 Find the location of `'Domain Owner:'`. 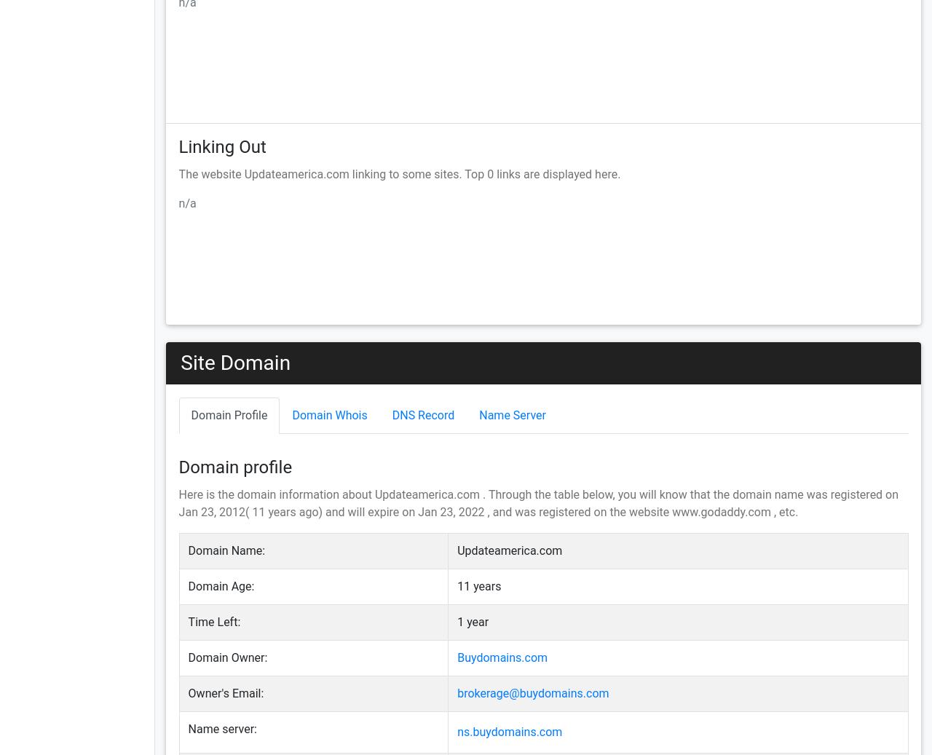

'Domain Owner:' is located at coordinates (226, 657).